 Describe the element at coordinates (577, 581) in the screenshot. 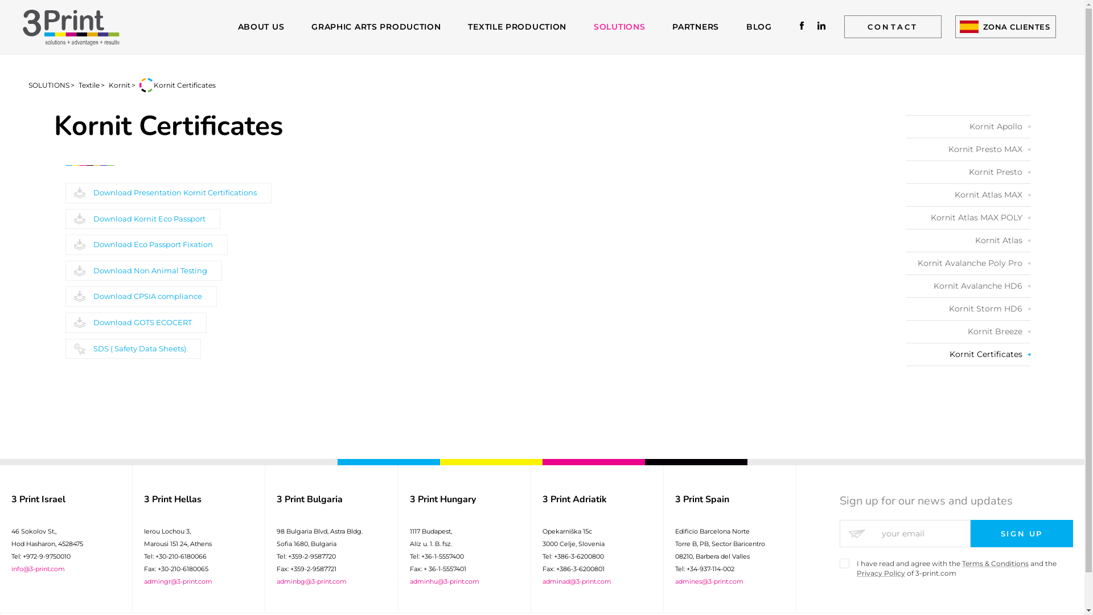

I see `'adminad@3-print.com'` at that location.